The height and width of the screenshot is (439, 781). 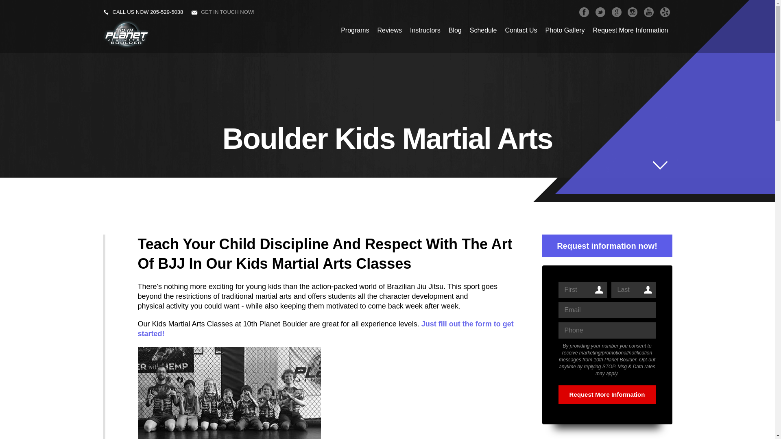 I want to click on 'FACEBOOK', so click(x=583, y=12).